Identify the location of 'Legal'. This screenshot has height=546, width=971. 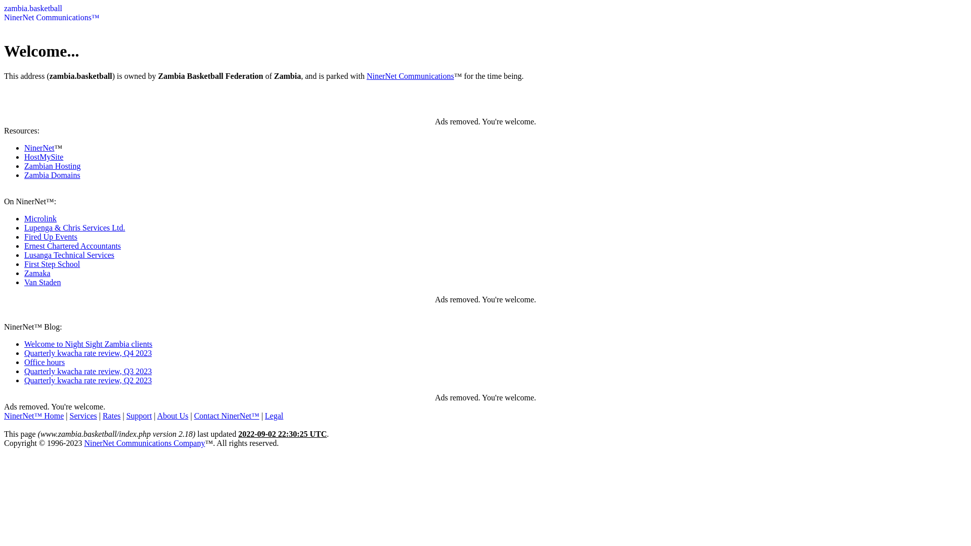
(274, 416).